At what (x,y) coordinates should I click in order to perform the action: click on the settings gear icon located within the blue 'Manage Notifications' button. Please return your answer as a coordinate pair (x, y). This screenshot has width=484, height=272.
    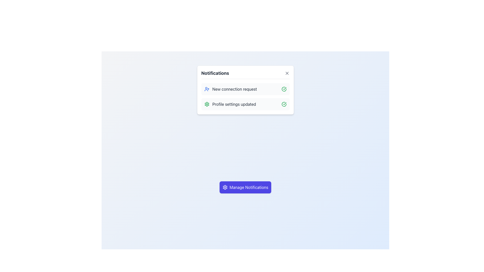
    Looking at the image, I should click on (225, 187).